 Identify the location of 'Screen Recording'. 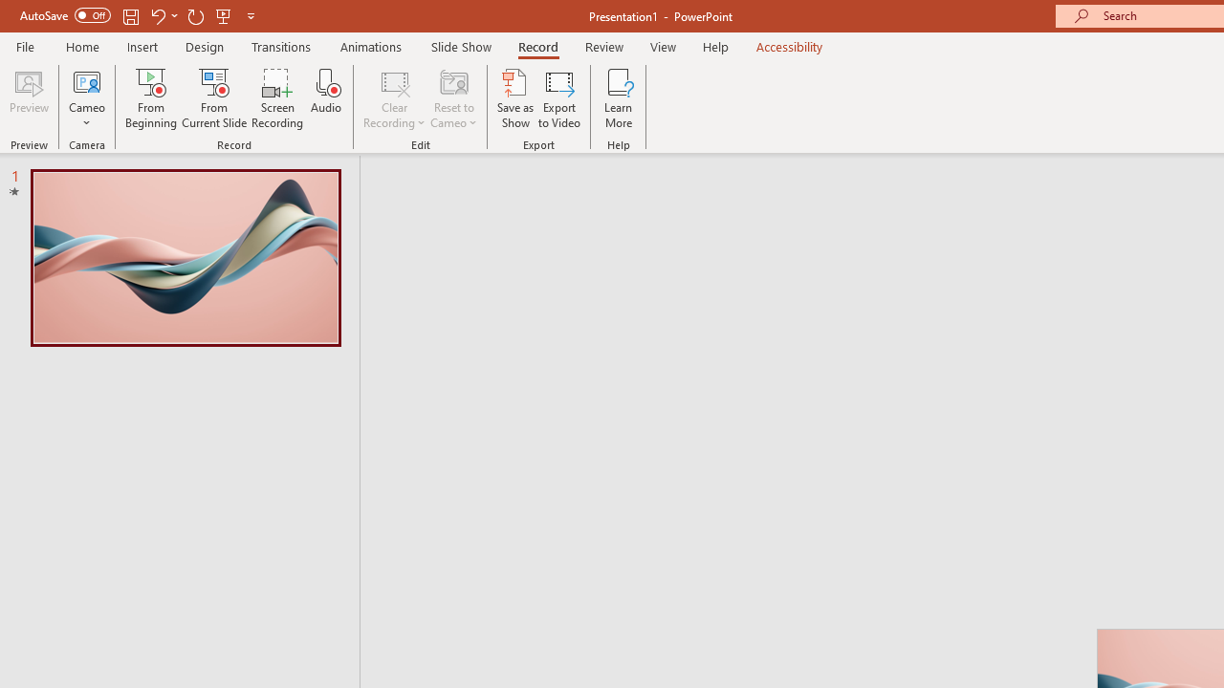
(276, 98).